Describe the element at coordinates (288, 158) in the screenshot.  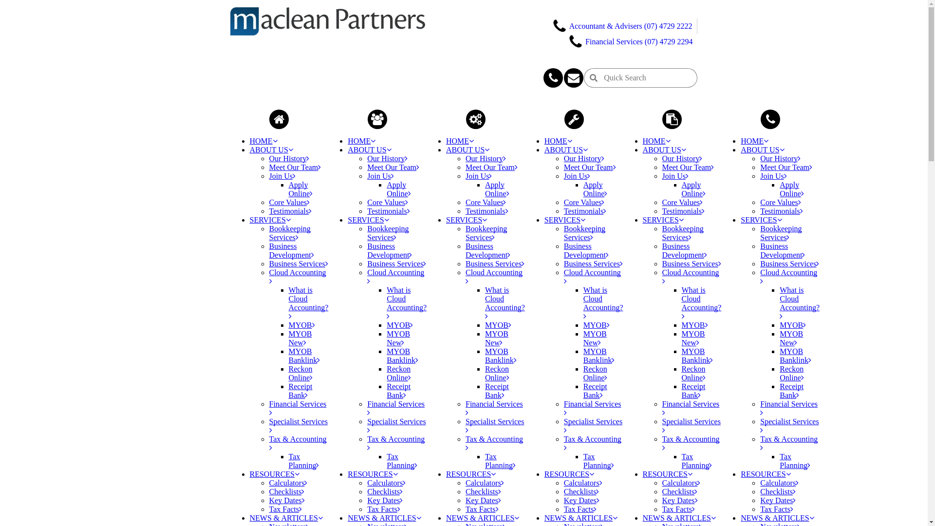
I see `'Our History'` at that location.